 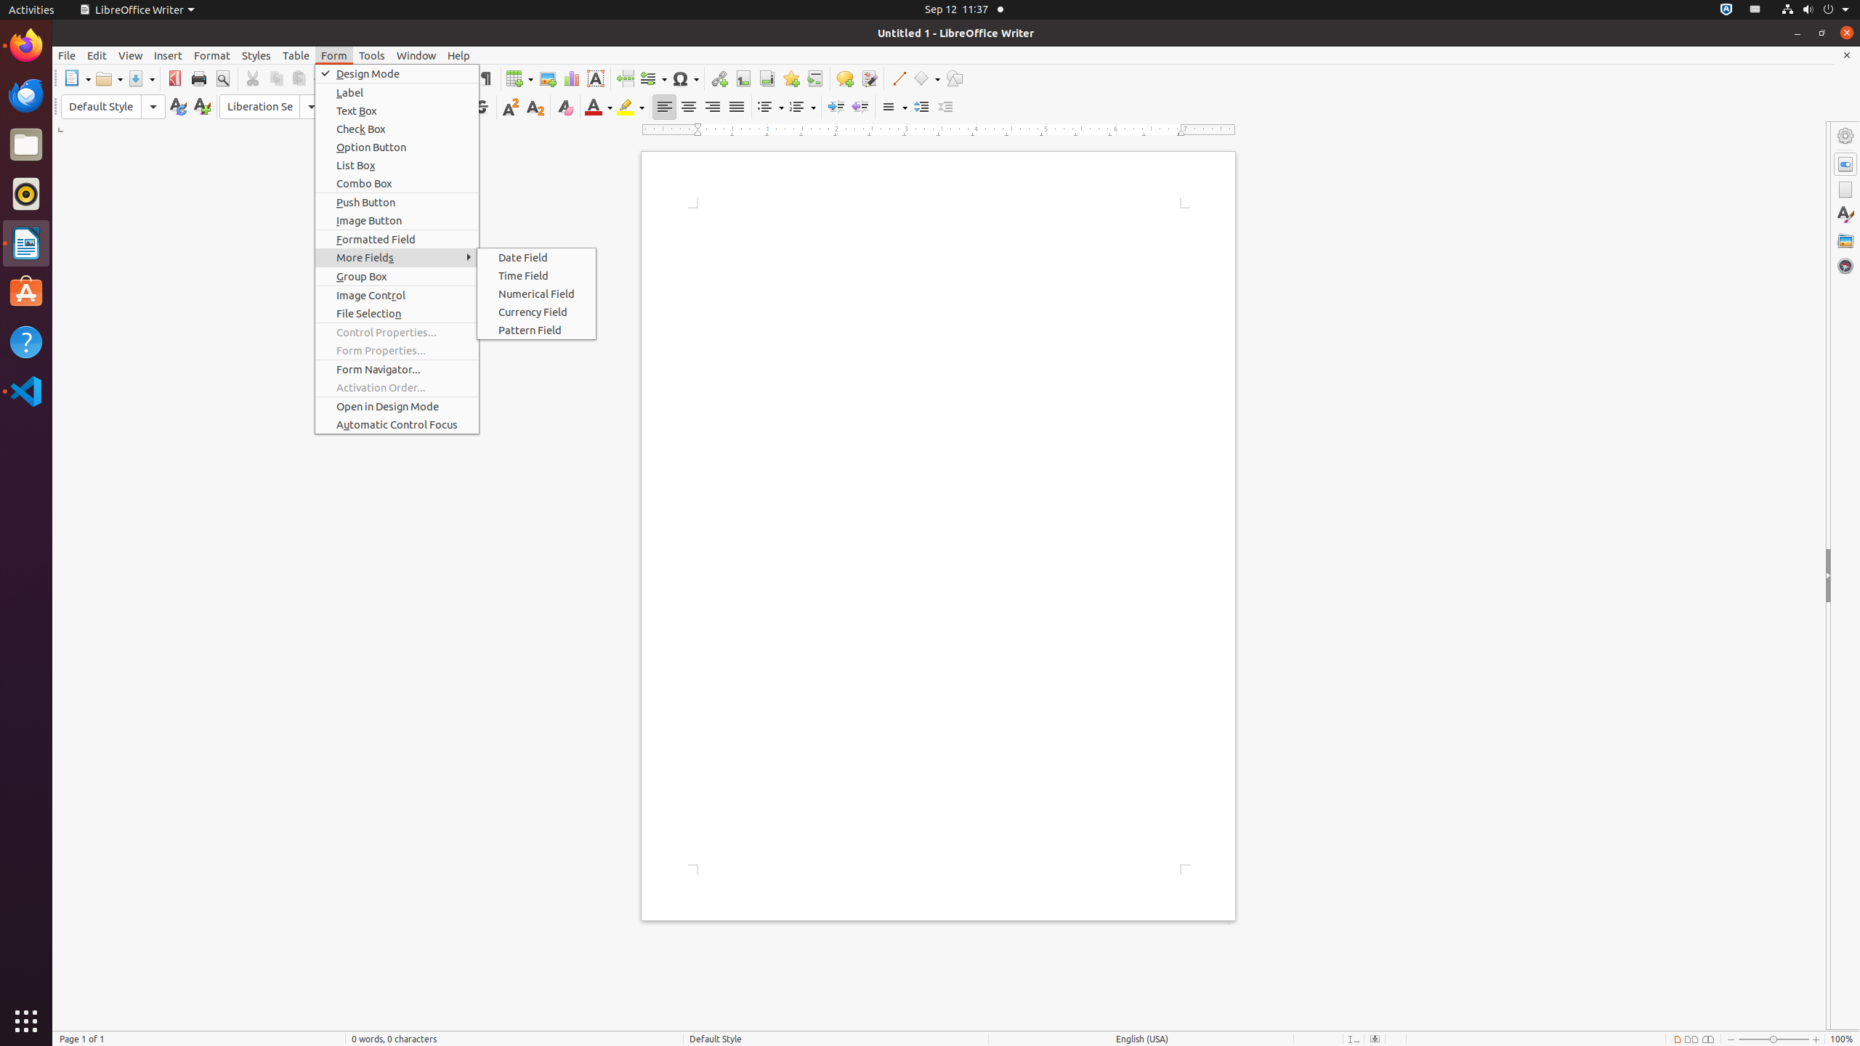 What do you see at coordinates (222, 78) in the screenshot?
I see `'Print Preview'` at bounding box center [222, 78].